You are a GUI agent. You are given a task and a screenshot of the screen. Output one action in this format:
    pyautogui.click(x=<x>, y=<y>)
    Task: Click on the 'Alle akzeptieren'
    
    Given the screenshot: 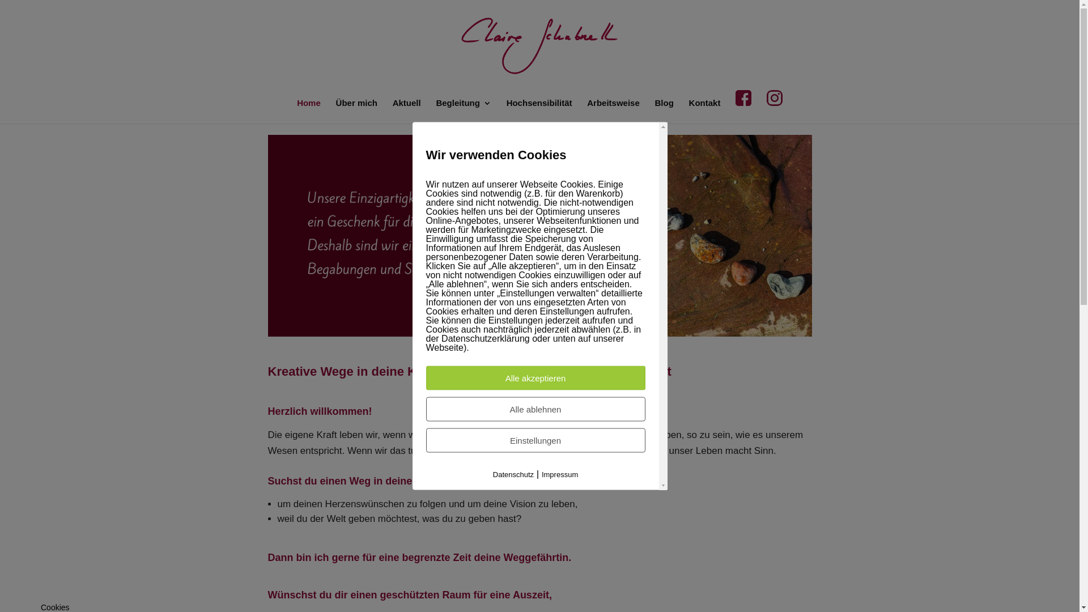 What is the action you would take?
    pyautogui.click(x=535, y=378)
    